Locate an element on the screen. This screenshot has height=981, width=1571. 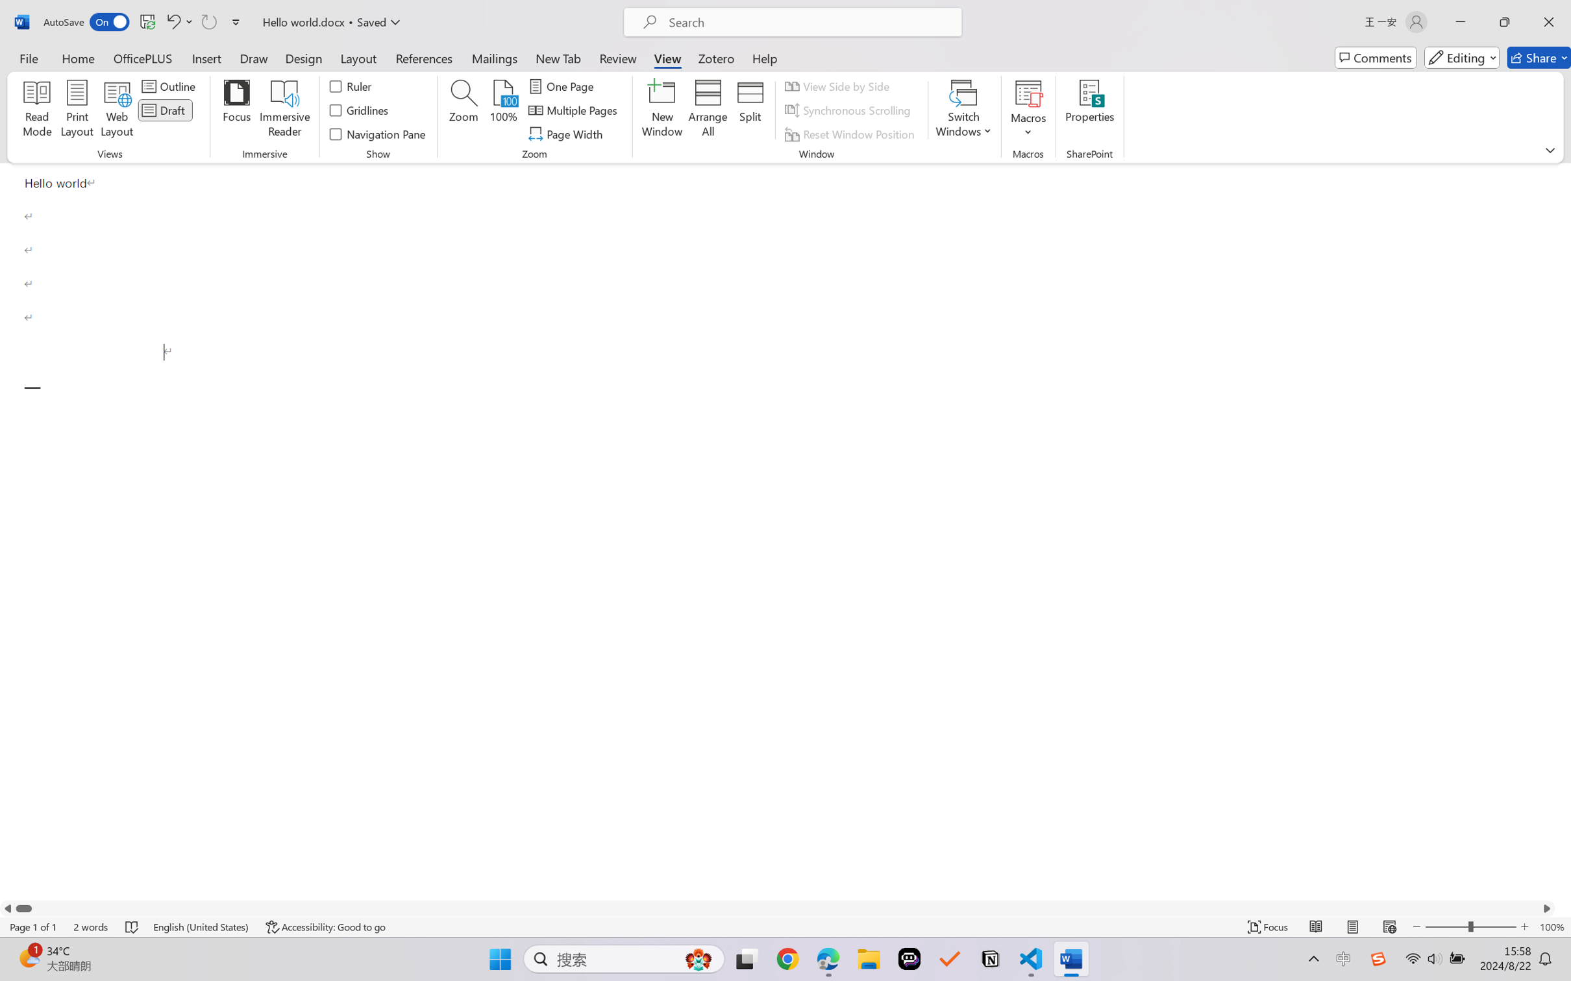
'Help' is located at coordinates (764, 57).